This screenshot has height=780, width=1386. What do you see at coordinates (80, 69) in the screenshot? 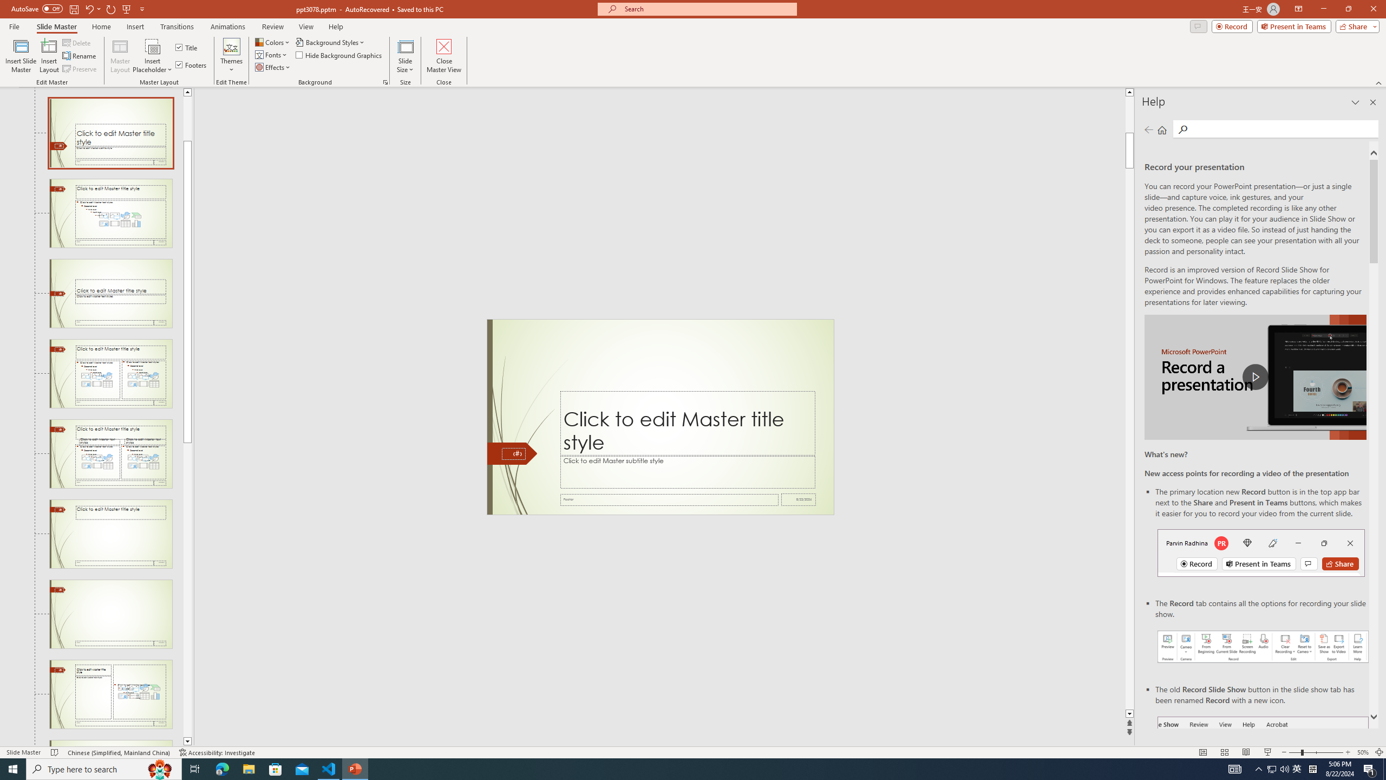
I see `'Preserve'` at bounding box center [80, 69].